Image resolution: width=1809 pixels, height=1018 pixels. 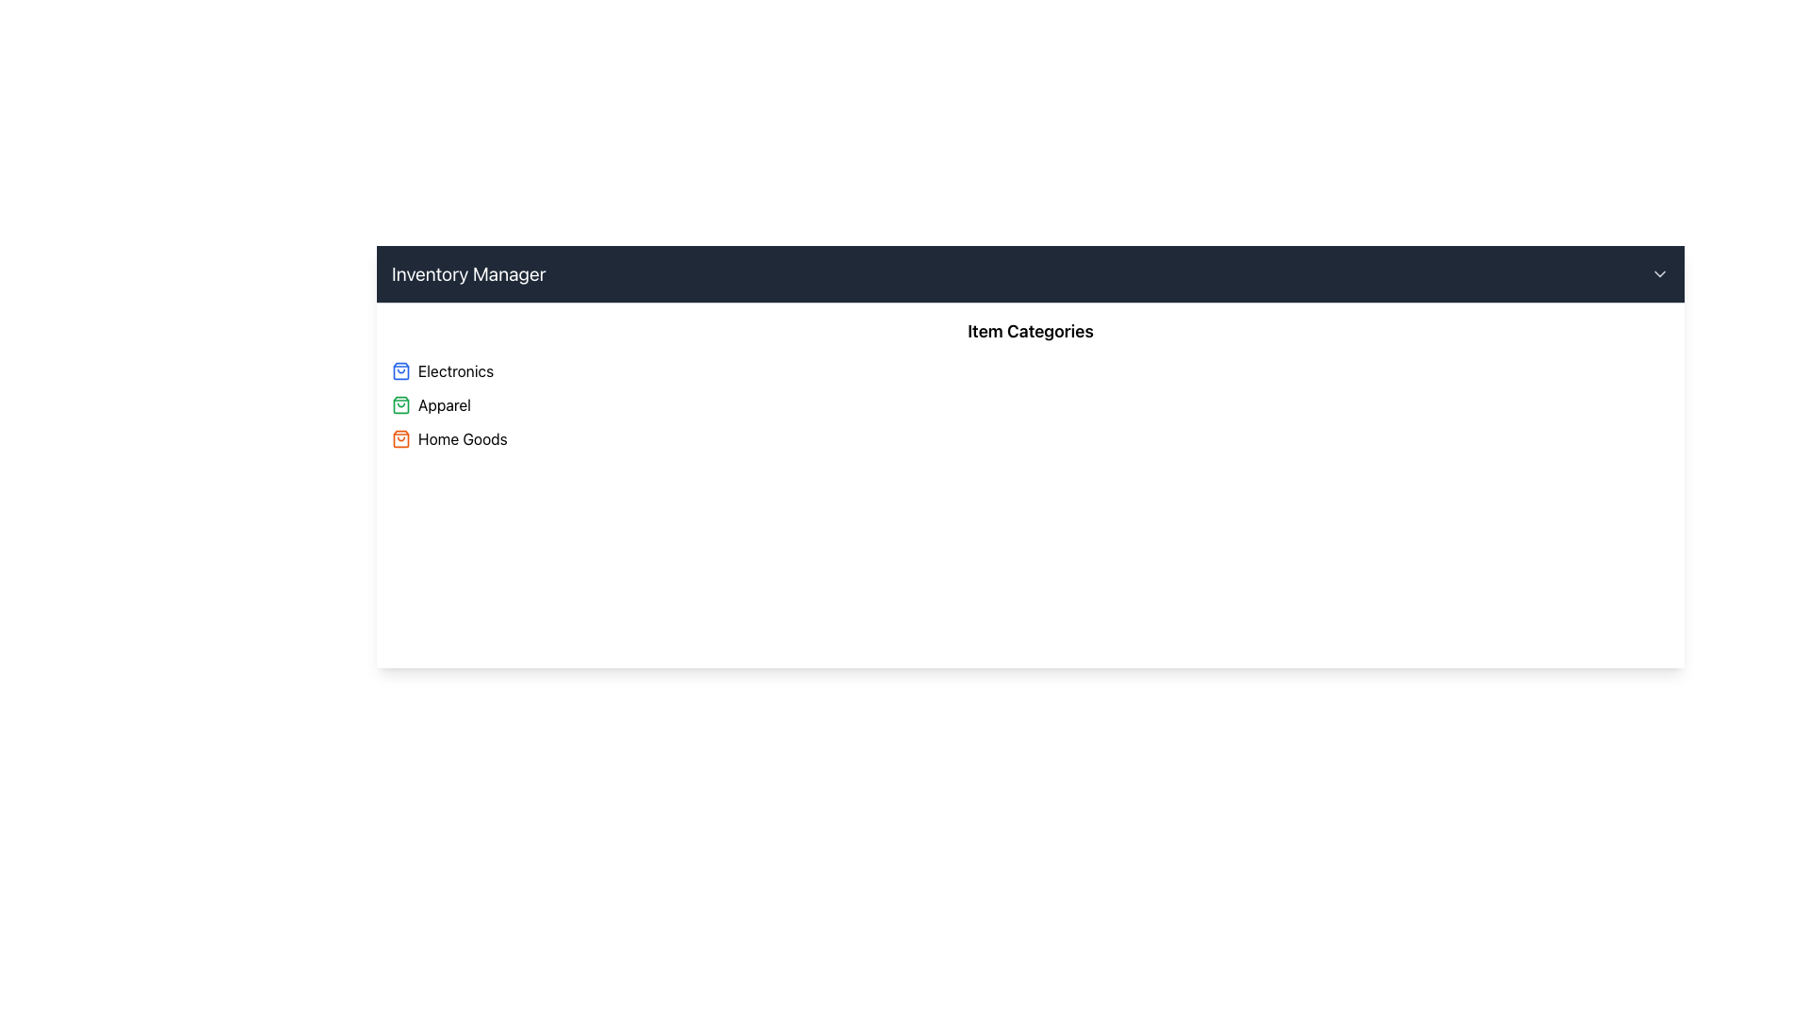 I want to click on the green shopping bag icon located immediately to the left of the 'Apparel' text, so click(x=400, y=403).